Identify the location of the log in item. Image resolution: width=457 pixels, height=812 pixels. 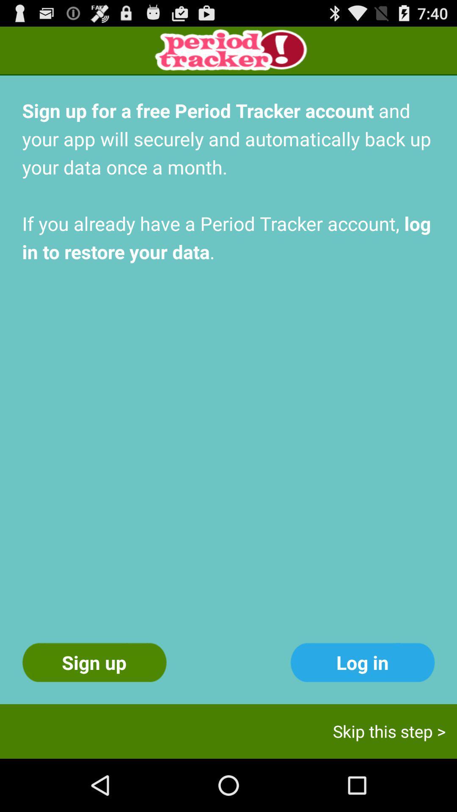
(362, 662).